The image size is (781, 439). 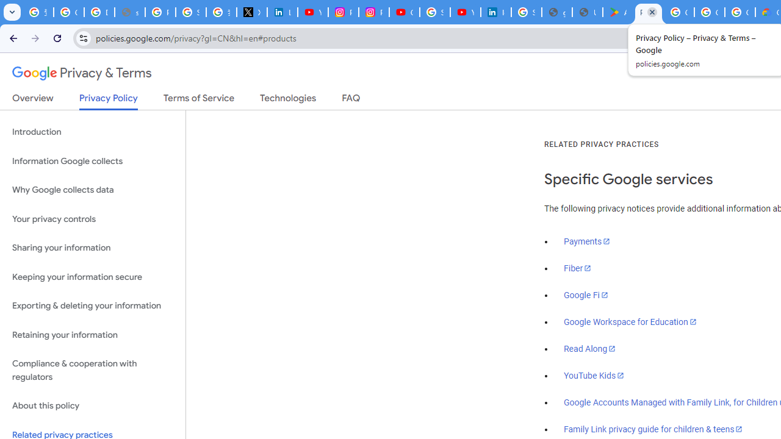 I want to click on 'Sharing your information', so click(x=92, y=248).